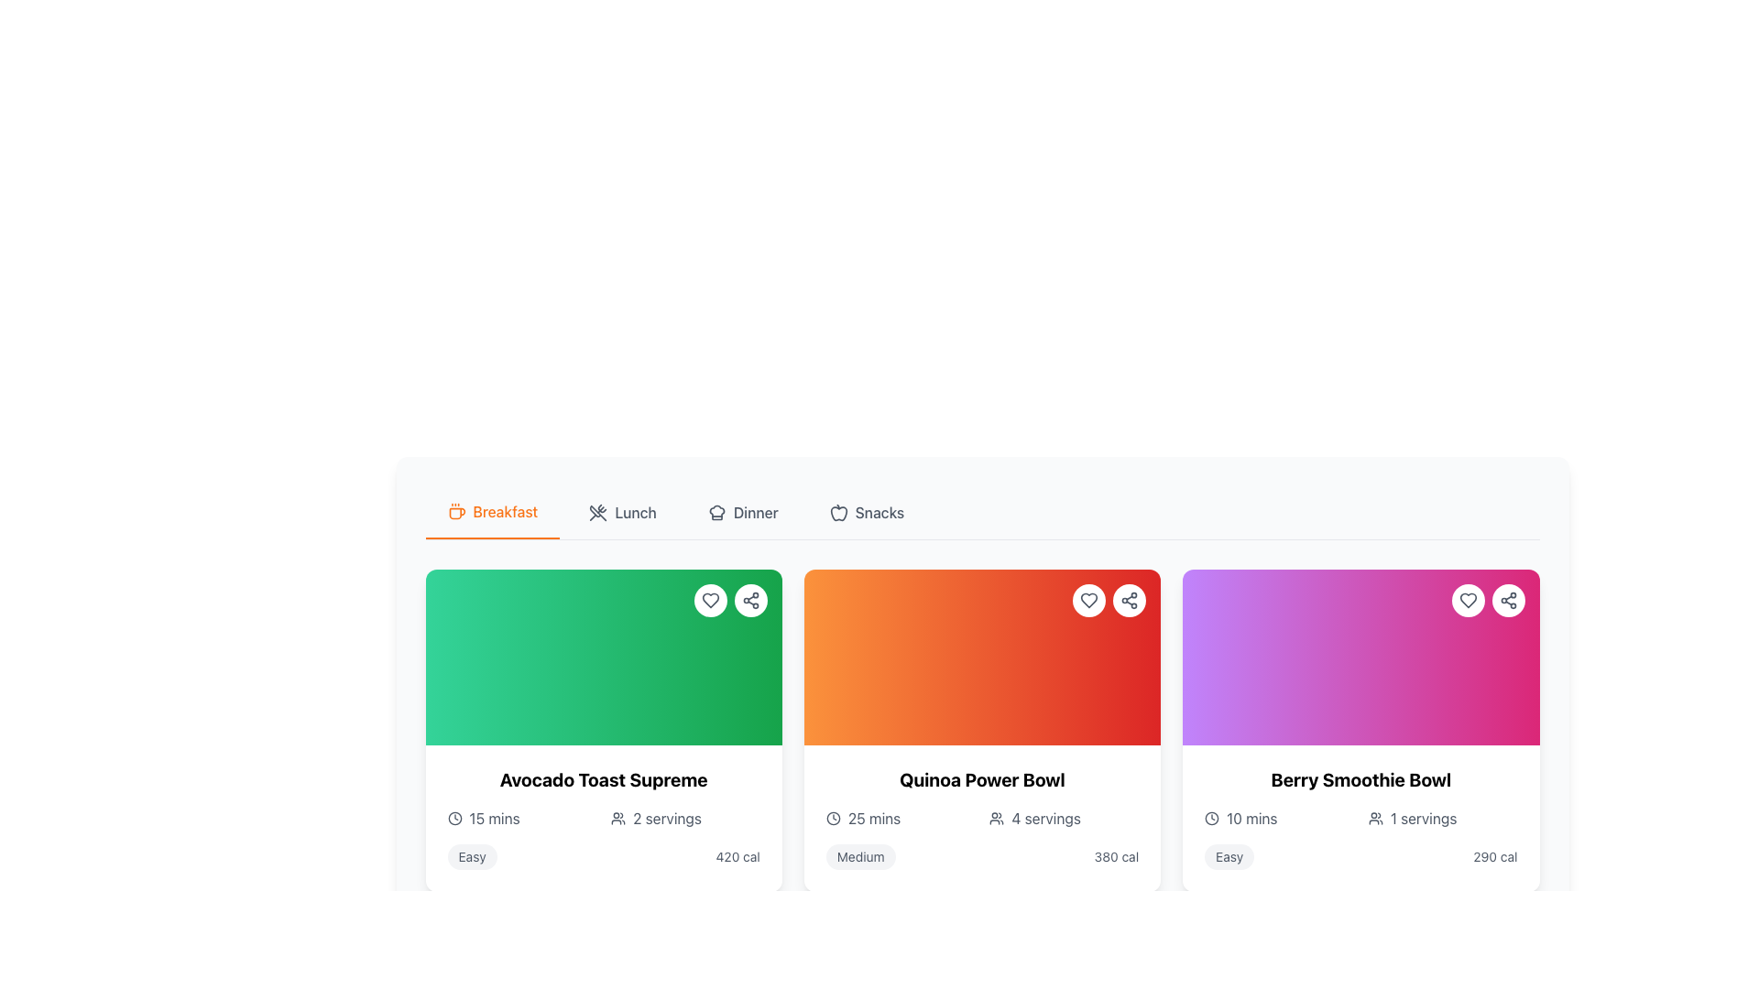 The height and width of the screenshot is (989, 1759). What do you see at coordinates (873, 818) in the screenshot?
I see `text label displaying the preparation or cooking time for the 'Quinoa Power Bowl' recipe, located beside the clock icon` at bounding box center [873, 818].